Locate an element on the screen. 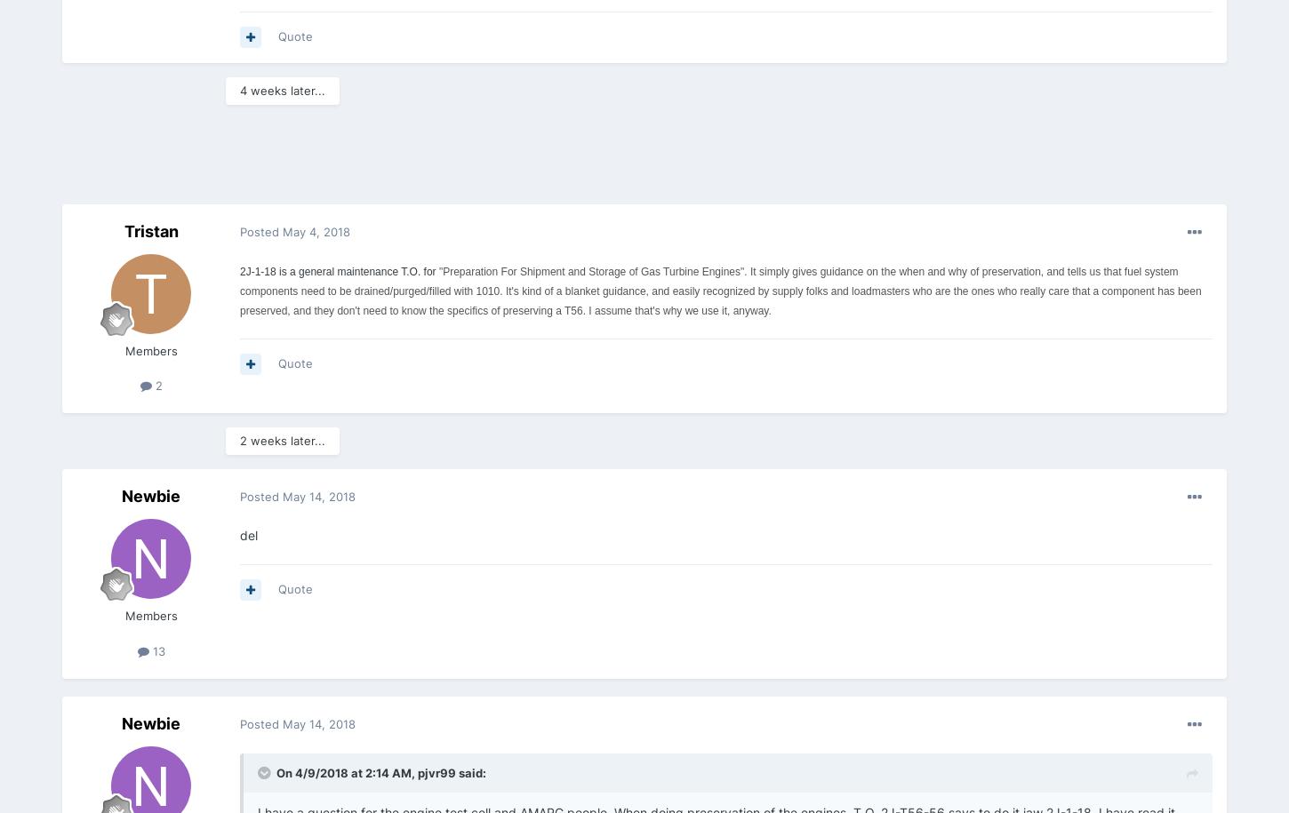 The width and height of the screenshot is (1289, 813). '2J-1-18 is a general maintenance T.O. for' is located at coordinates (337, 269).